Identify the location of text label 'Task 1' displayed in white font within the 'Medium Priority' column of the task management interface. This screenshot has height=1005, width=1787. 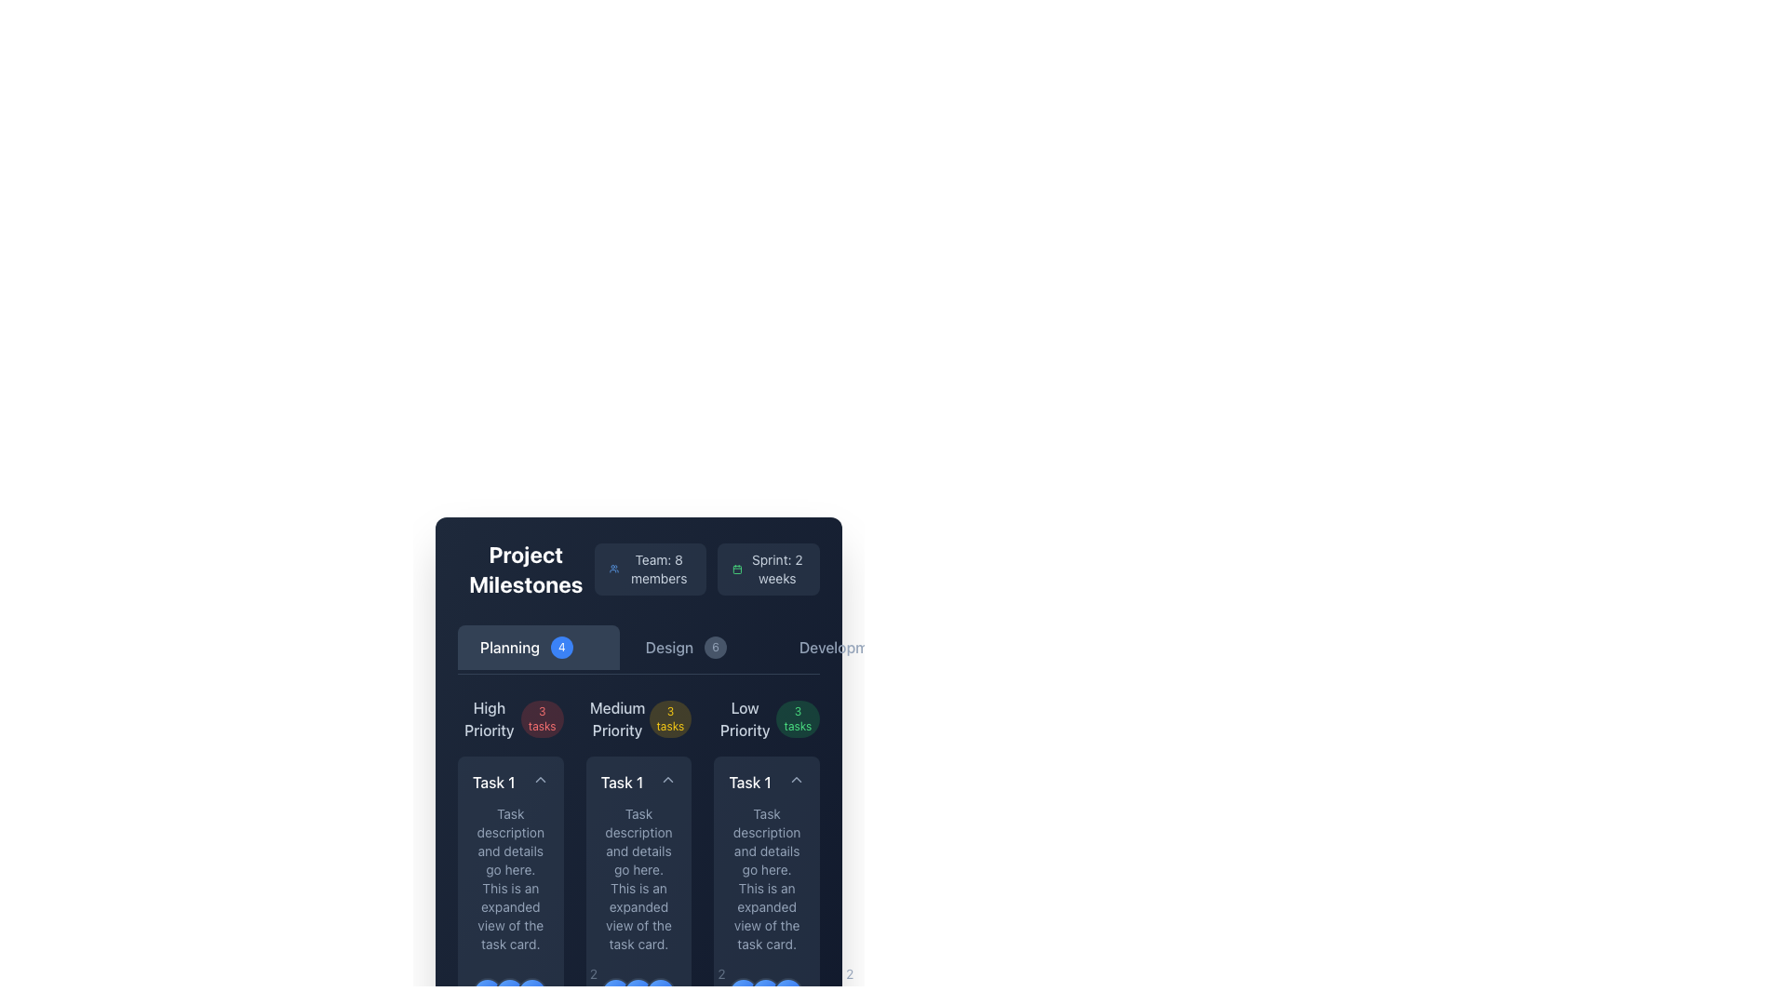
(622, 782).